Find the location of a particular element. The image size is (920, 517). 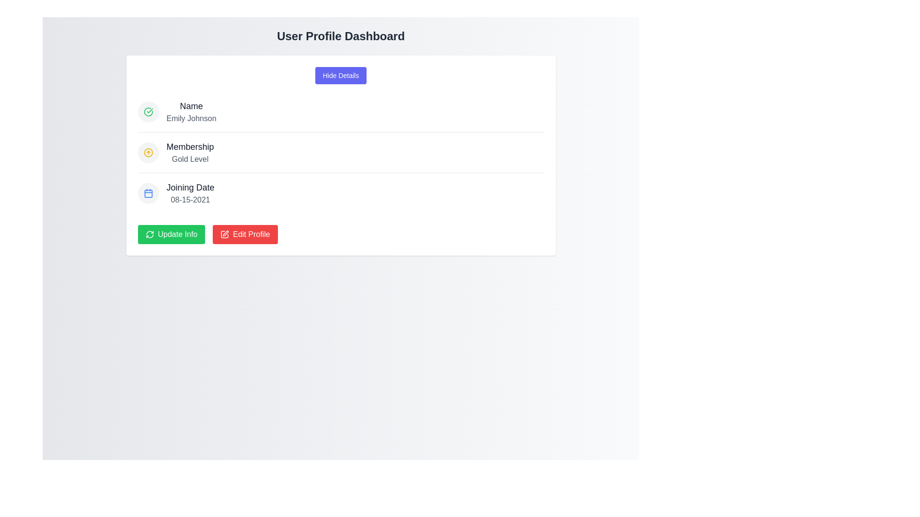

the 'Membership' graphical icon component that is part of the 'Gold Level' membership representation in the second row of icons on the profile dashboard is located at coordinates (148, 152).